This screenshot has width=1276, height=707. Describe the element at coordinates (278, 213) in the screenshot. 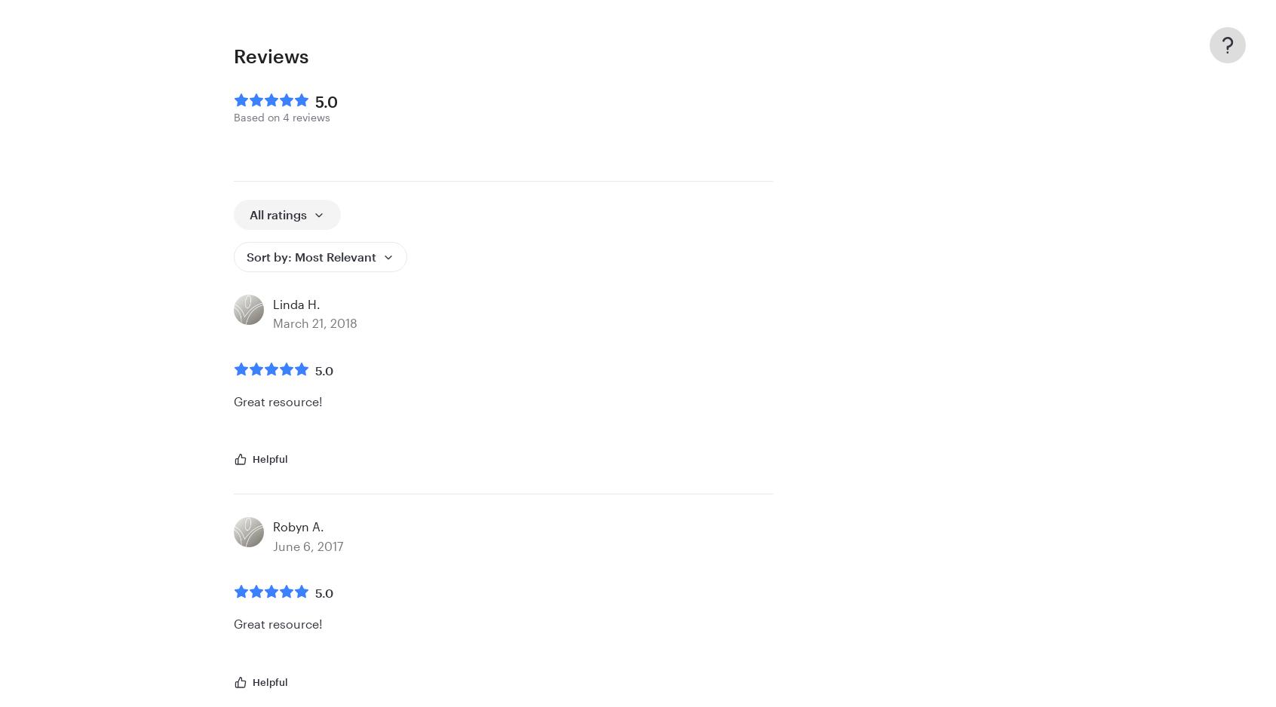

I see `'All ratings'` at that location.